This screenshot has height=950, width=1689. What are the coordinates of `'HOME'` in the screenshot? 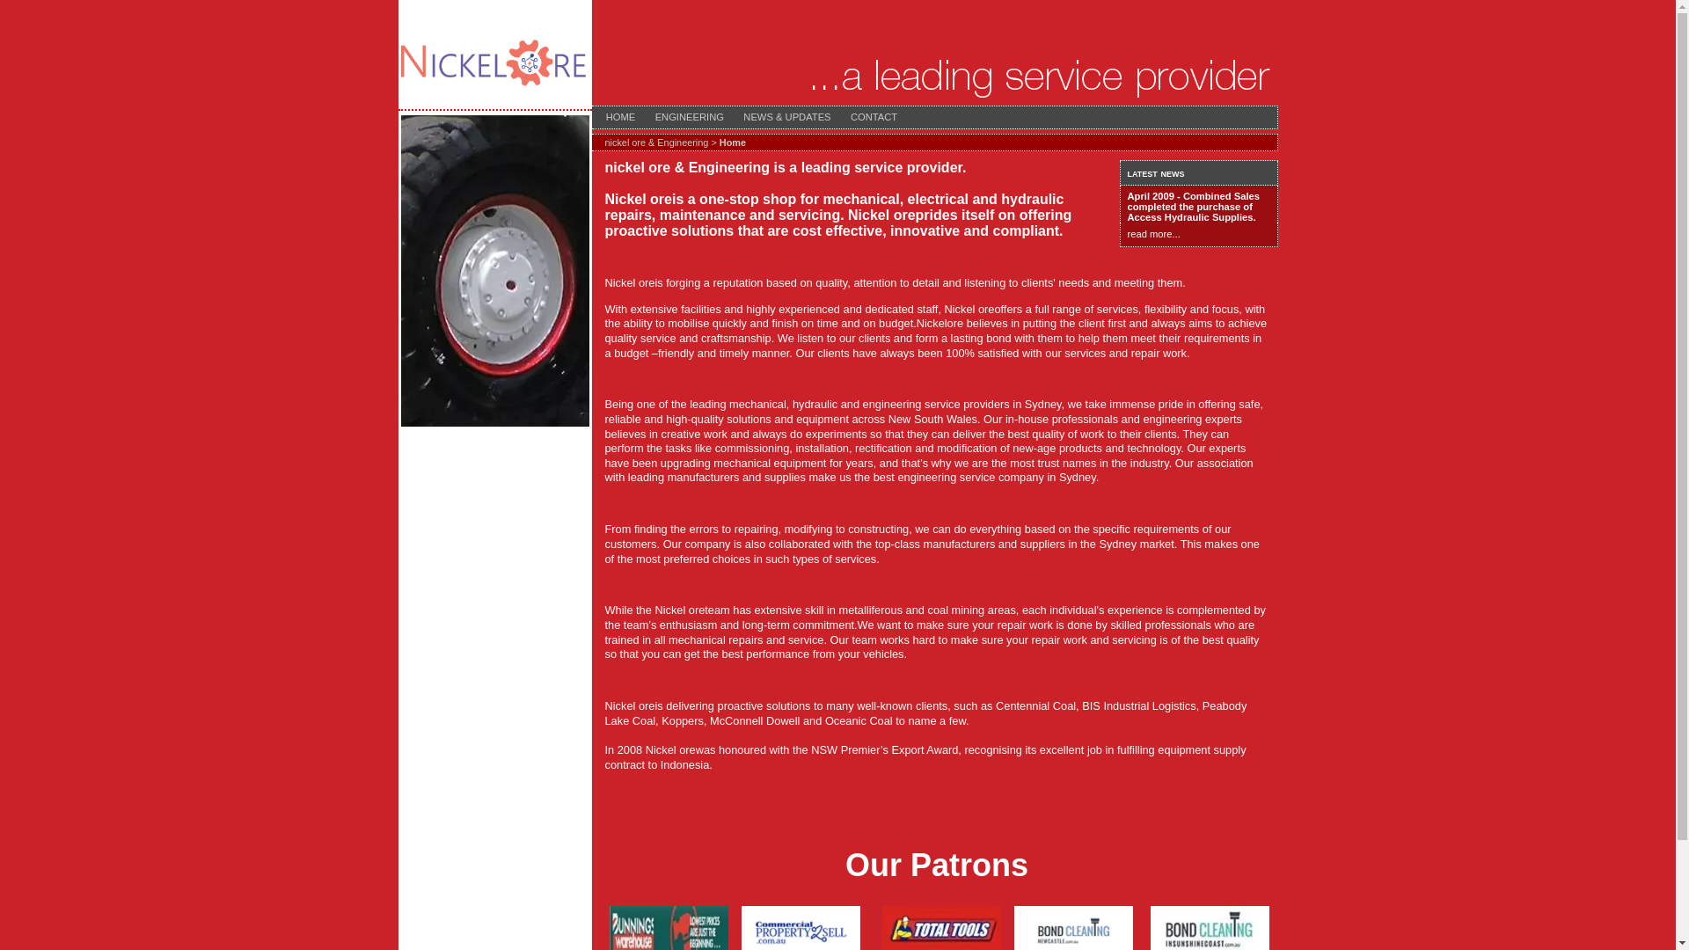 It's located at (620, 116).